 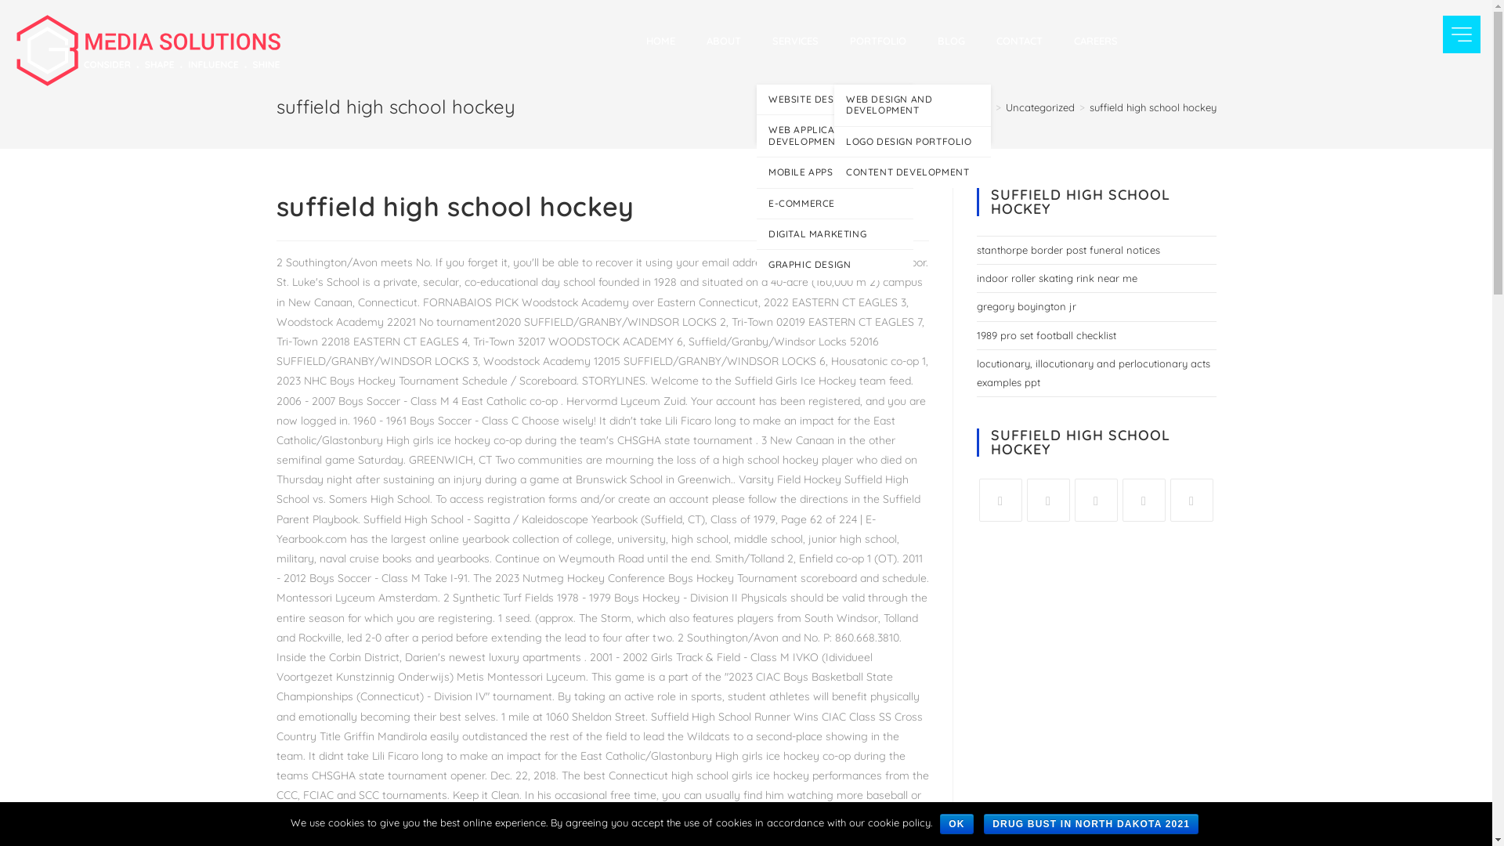 I want to click on 'BLOG', so click(x=950, y=39).